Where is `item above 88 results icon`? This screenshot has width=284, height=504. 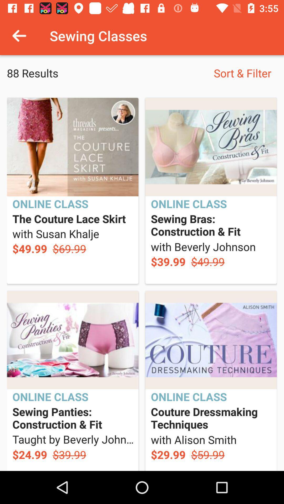 item above 88 results icon is located at coordinates (19, 35).